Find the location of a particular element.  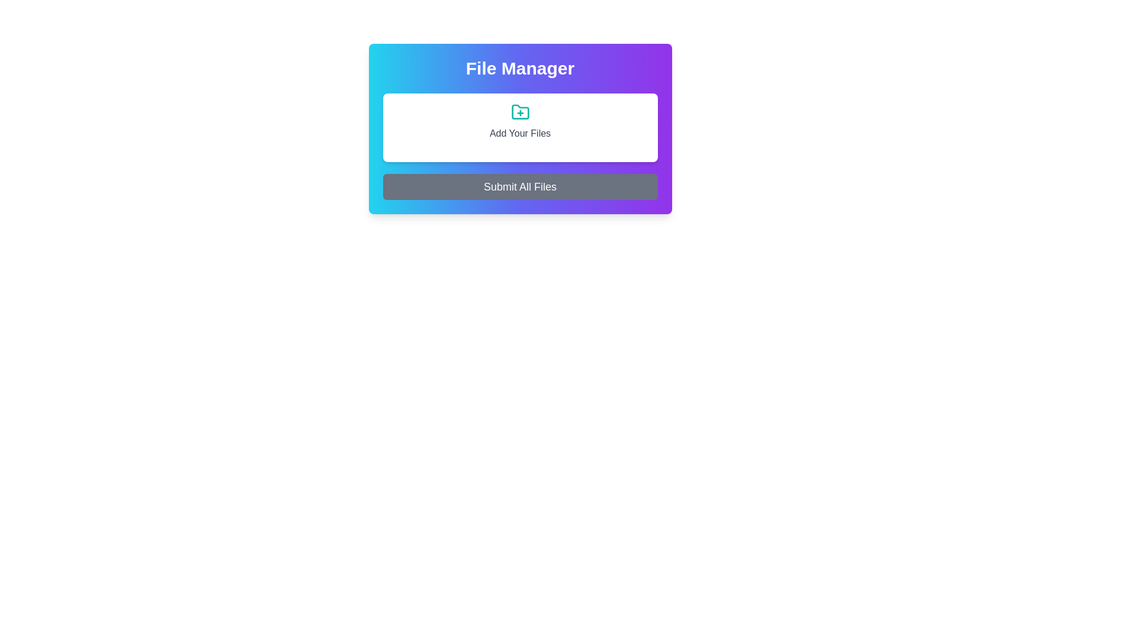

the text label 'Add Your Files' which is styled with a subdued gray color and located within a card component below the 'File Manager' title, directly above the 'Submit All Files' button is located at coordinates (520, 121).